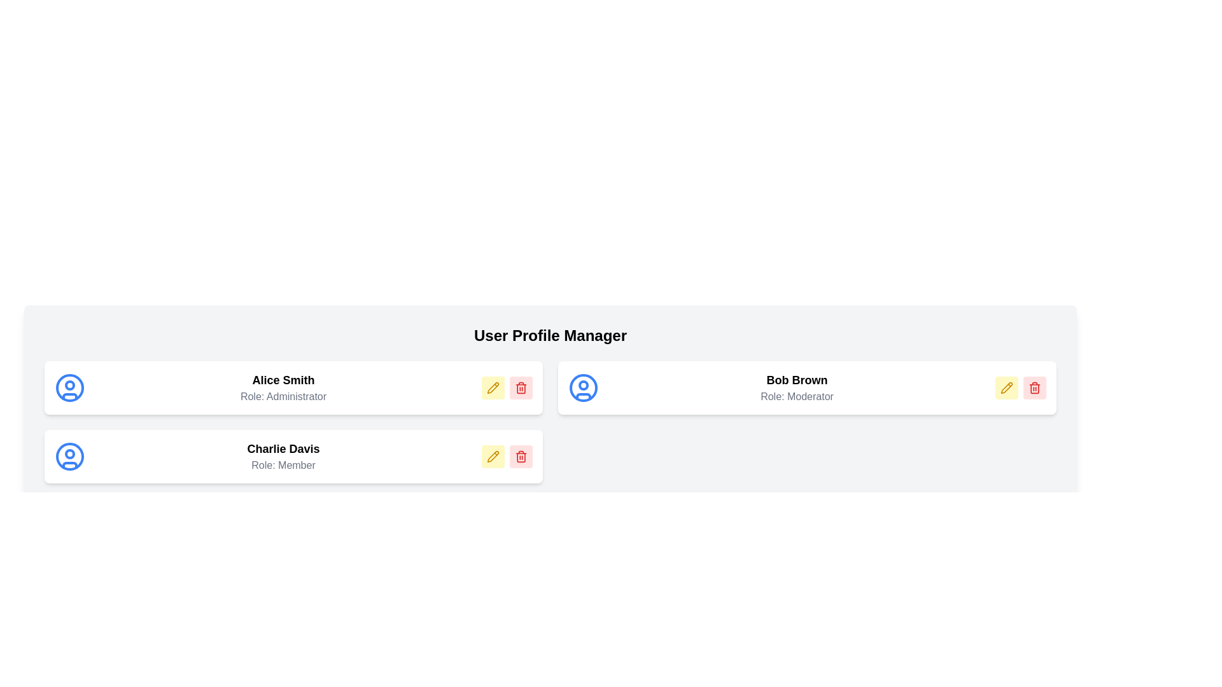  I want to click on the text display indicating 'Moderator' for 'Bob Brown' located in the rightmost column of the user profile manager interface, so click(796, 396).